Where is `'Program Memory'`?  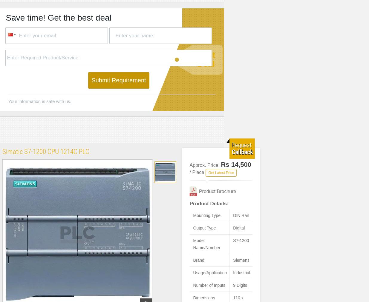
'Program Memory' is located at coordinates (209, 96).